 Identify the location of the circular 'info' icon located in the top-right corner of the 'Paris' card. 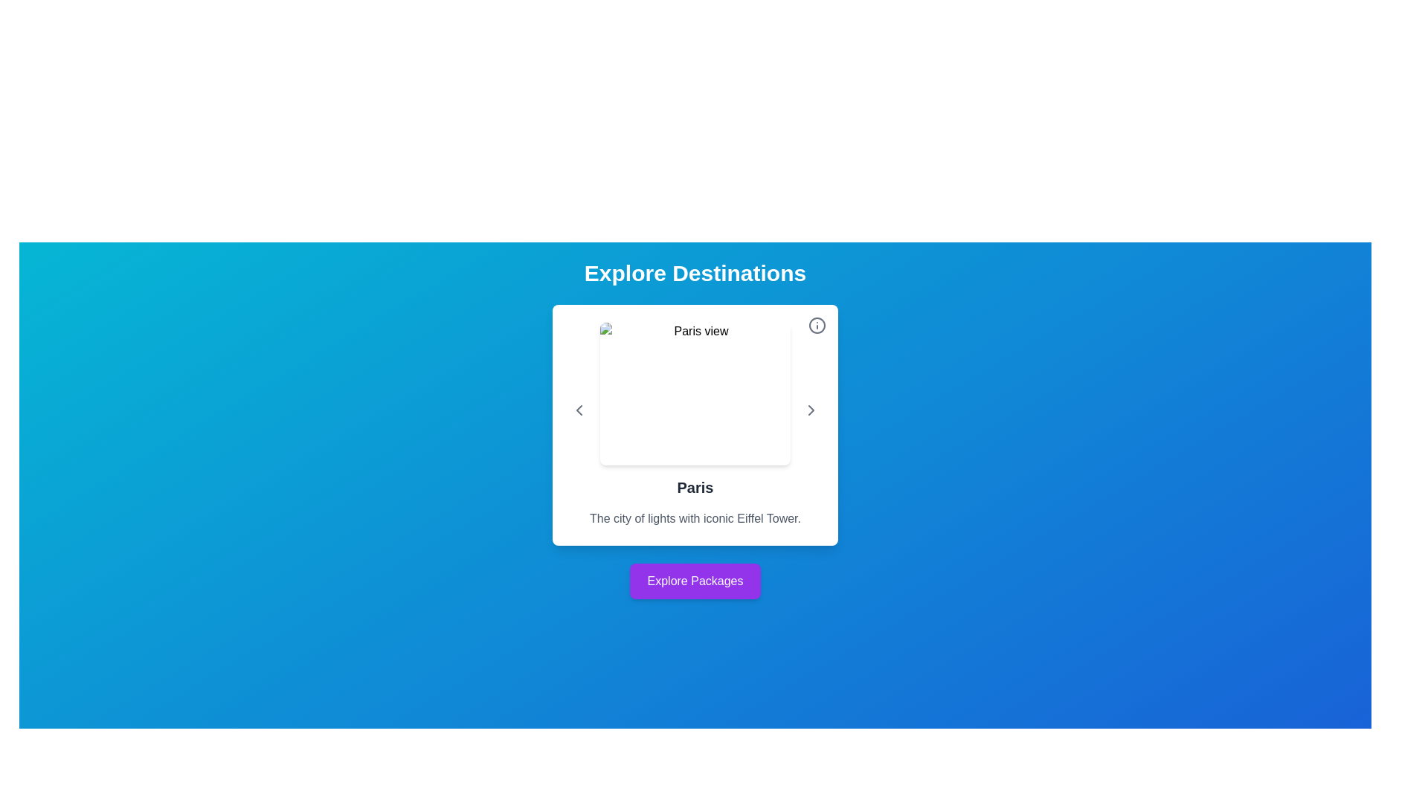
(817, 325).